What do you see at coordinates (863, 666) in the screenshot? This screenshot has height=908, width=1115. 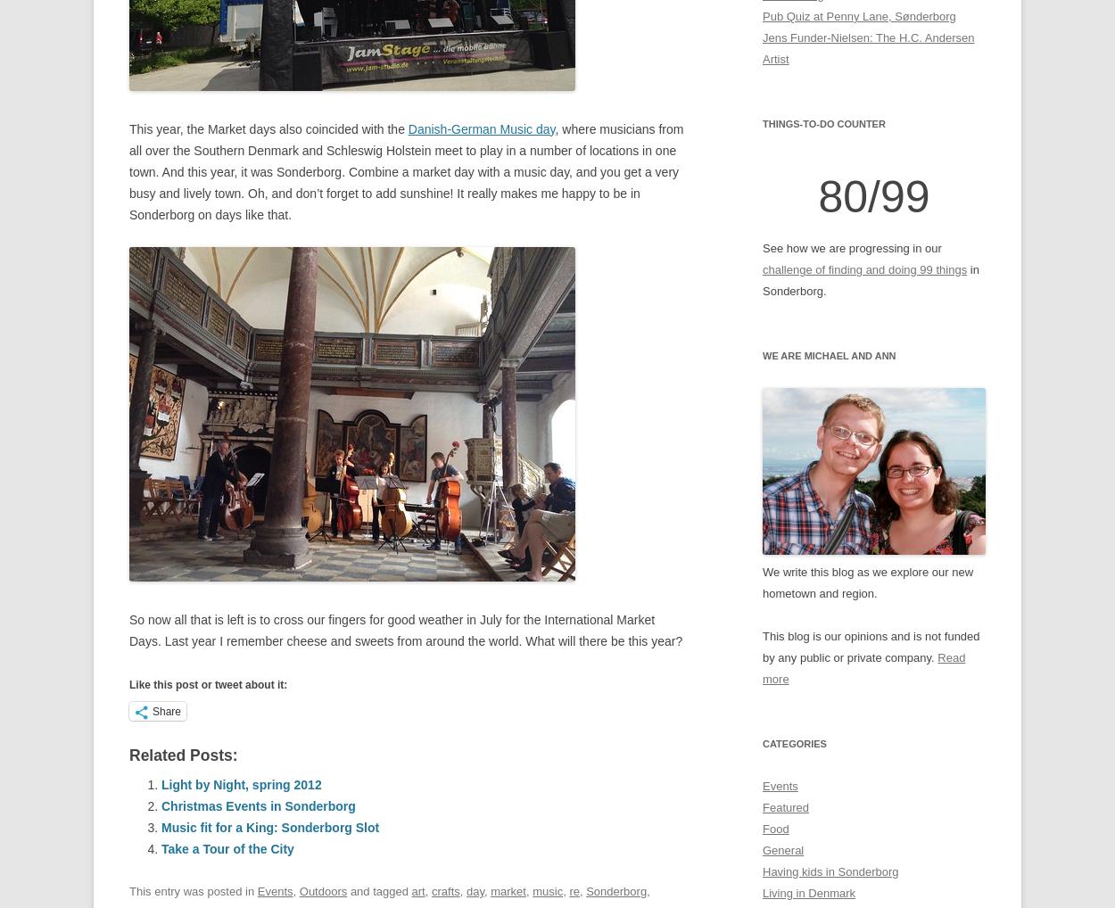 I see `'Read more'` at bounding box center [863, 666].